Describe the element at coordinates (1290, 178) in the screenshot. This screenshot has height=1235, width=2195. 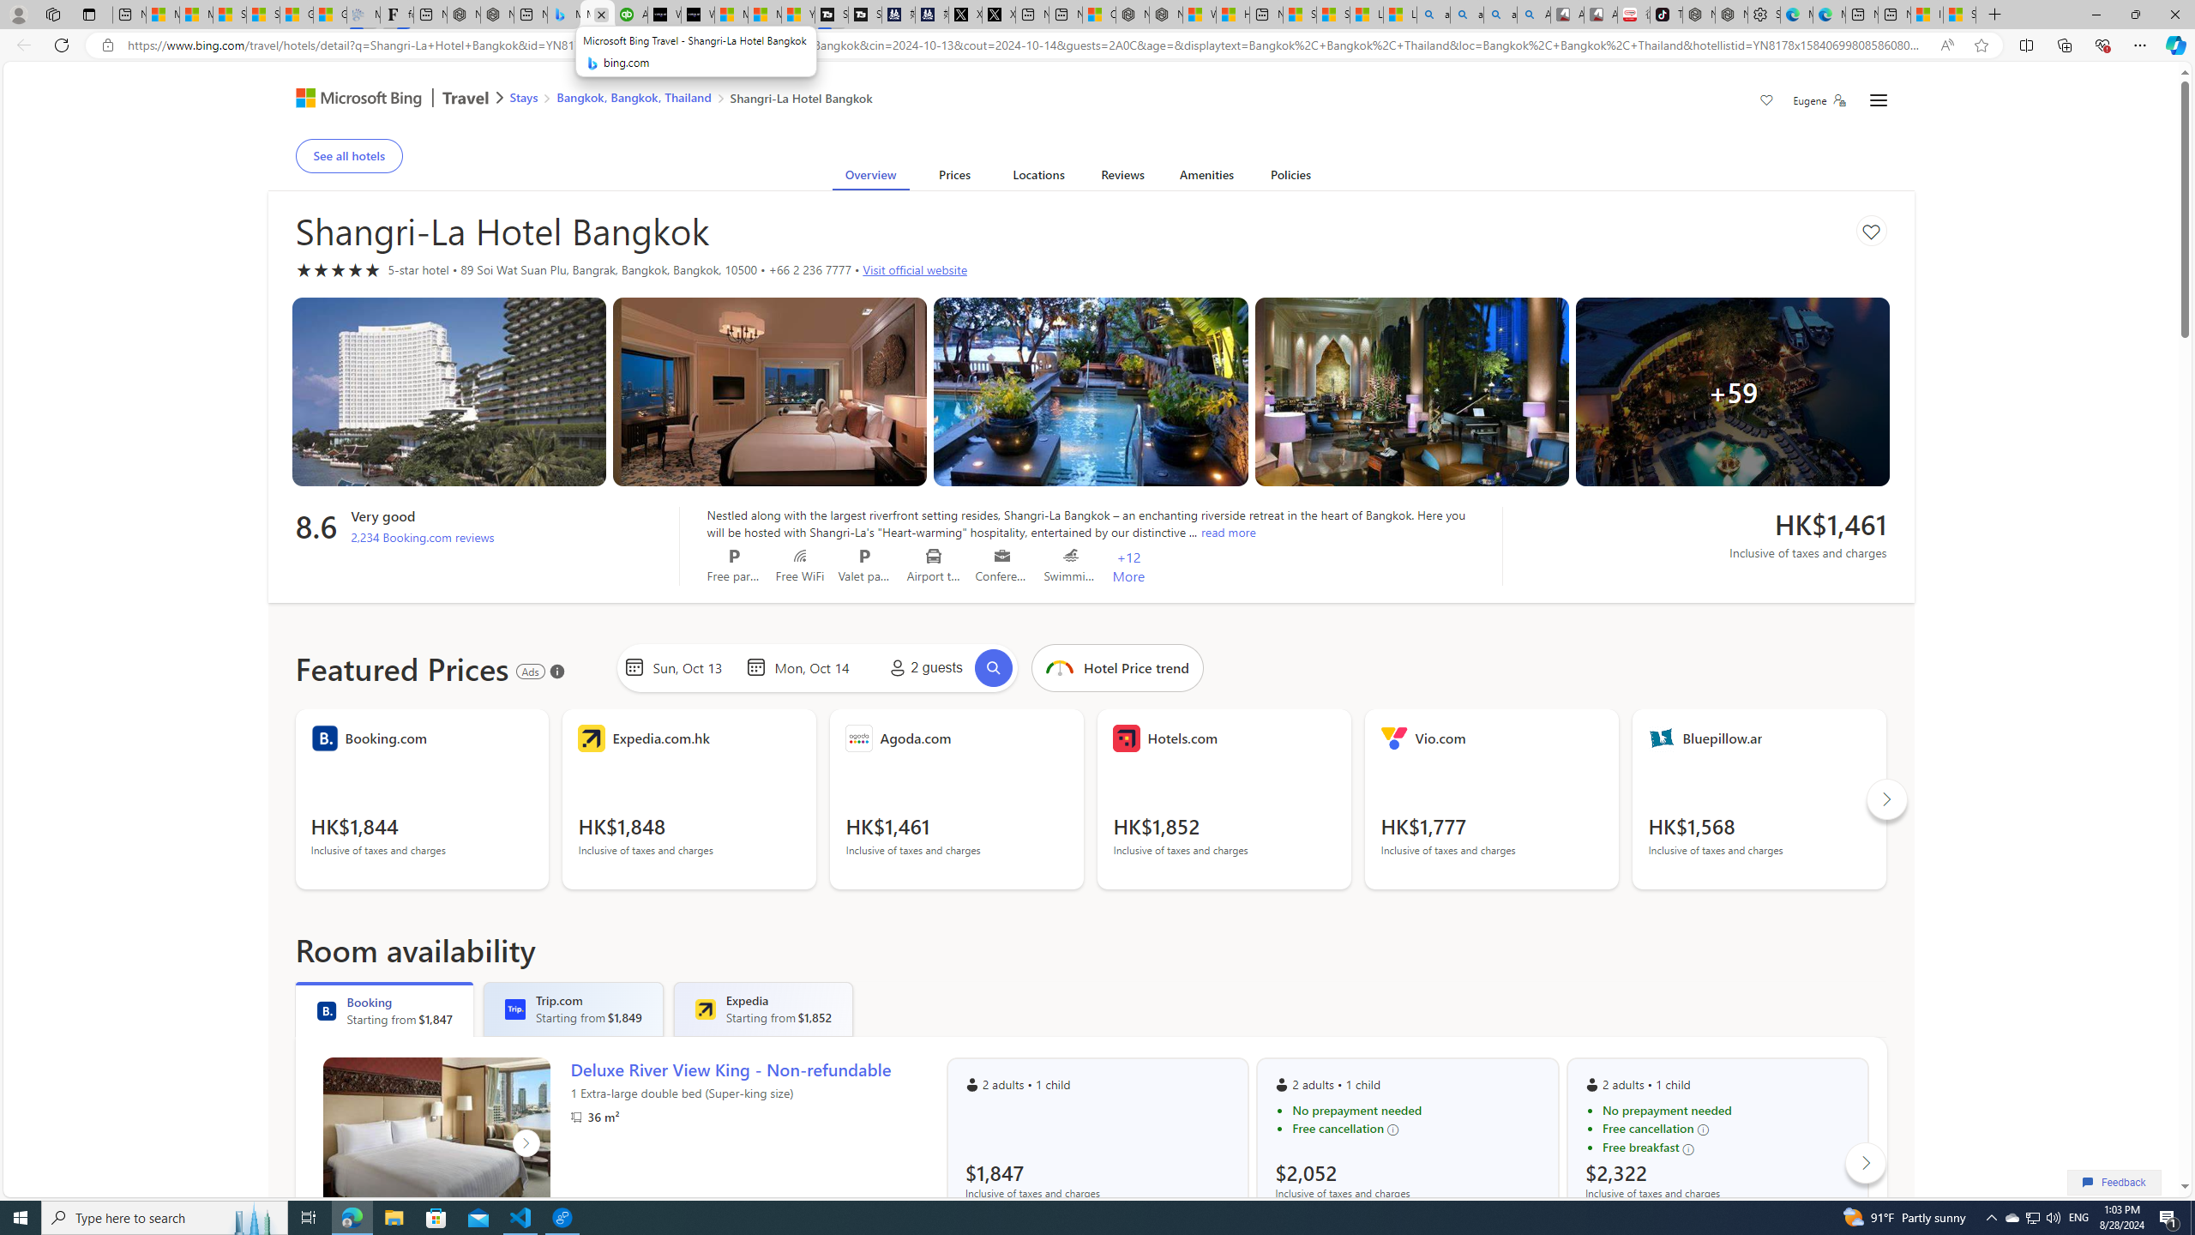
I see `'Policies'` at that location.